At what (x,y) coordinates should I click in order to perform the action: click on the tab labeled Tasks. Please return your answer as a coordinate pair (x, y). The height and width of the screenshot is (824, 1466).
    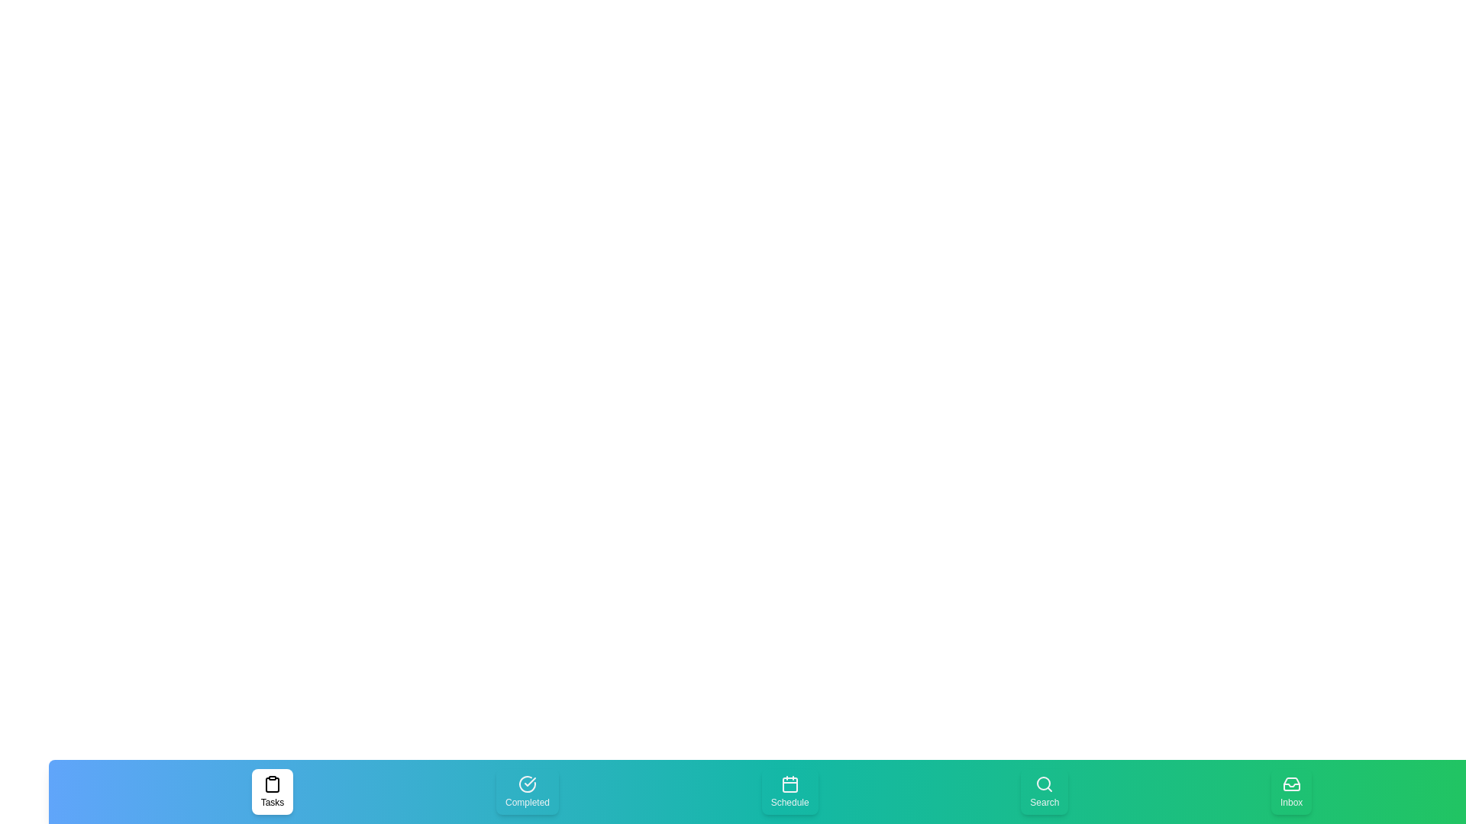
    Looking at the image, I should click on (272, 790).